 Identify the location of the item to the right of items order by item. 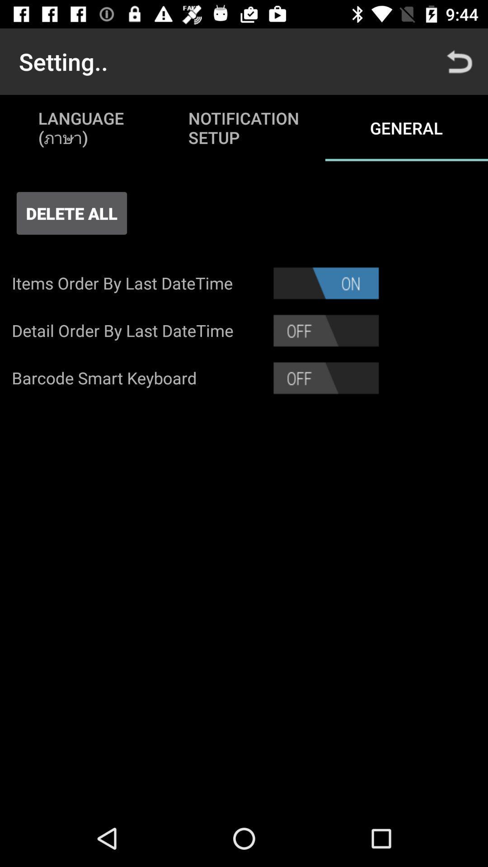
(326, 283).